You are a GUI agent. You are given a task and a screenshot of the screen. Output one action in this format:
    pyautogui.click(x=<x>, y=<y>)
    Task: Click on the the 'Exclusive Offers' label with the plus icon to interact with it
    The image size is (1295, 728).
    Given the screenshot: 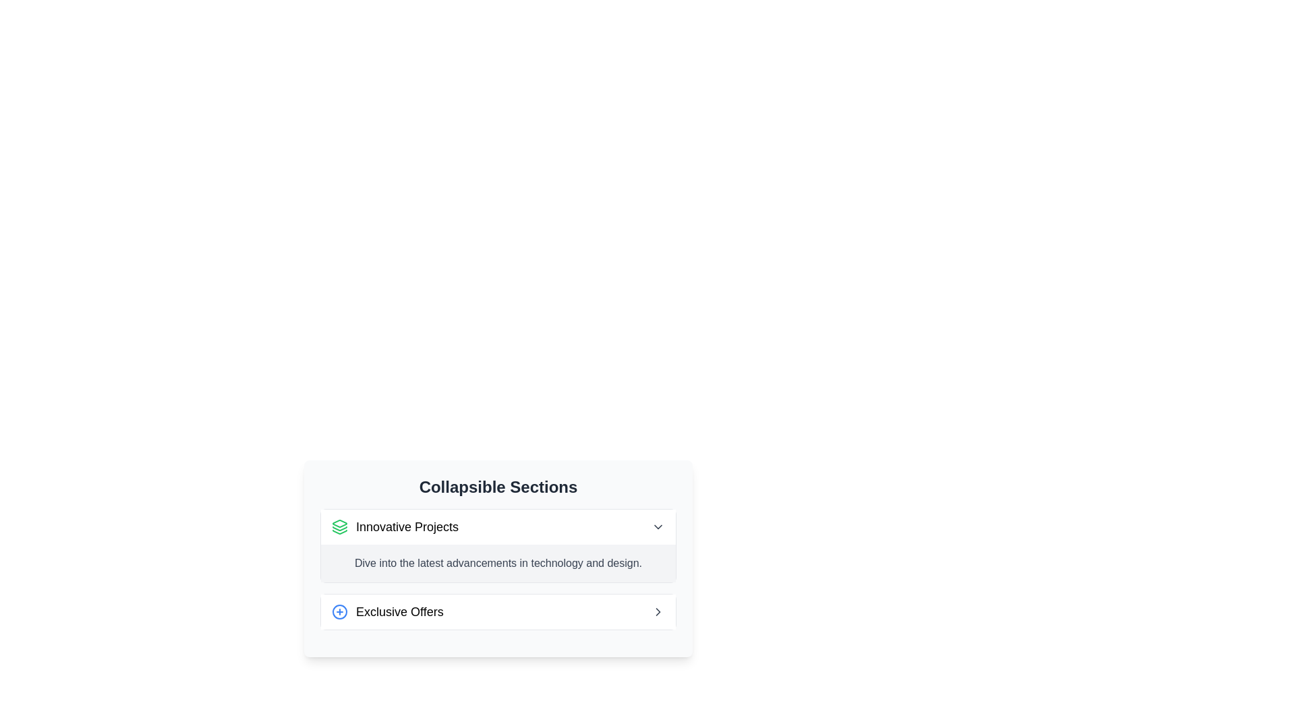 What is the action you would take?
    pyautogui.click(x=386, y=611)
    